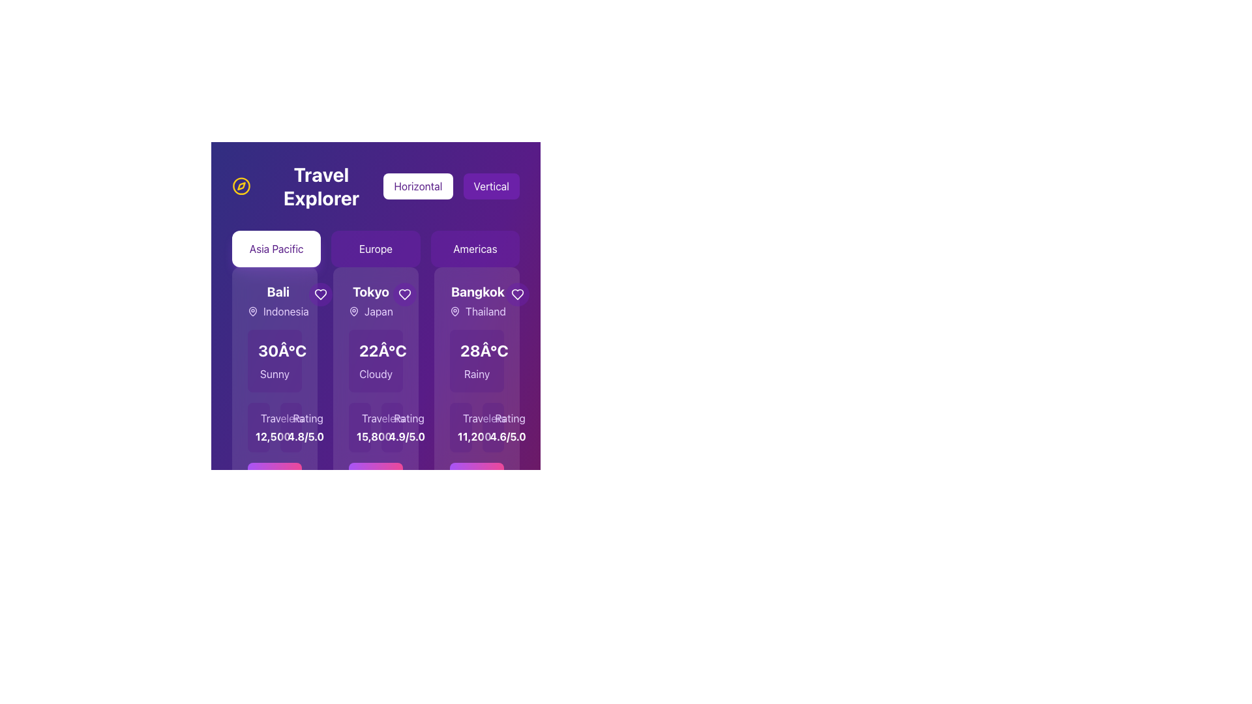 Image resolution: width=1252 pixels, height=704 pixels. What do you see at coordinates (509, 418) in the screenshot?
I see `the 'Rating' label, which is styled in purple and located in the third column under the 'Bangkok' section, above the numerical rating score` at bounding box center [509, 418].